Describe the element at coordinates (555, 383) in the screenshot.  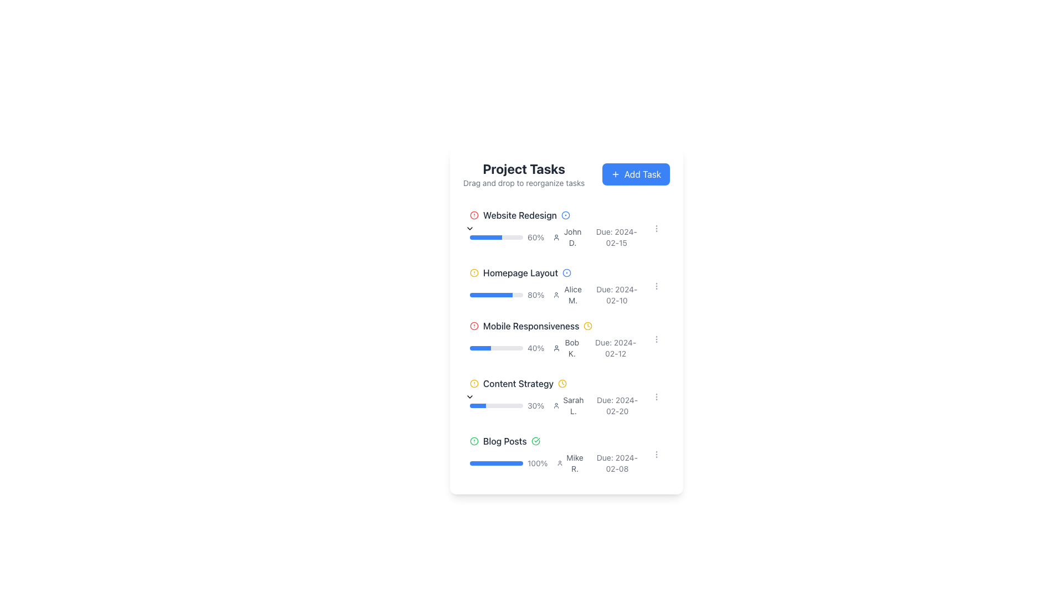
I see `the Task Label with Metadata that displays 'Content Strategy', which is the fourth task entry under 'Project Tasks'` at that location.